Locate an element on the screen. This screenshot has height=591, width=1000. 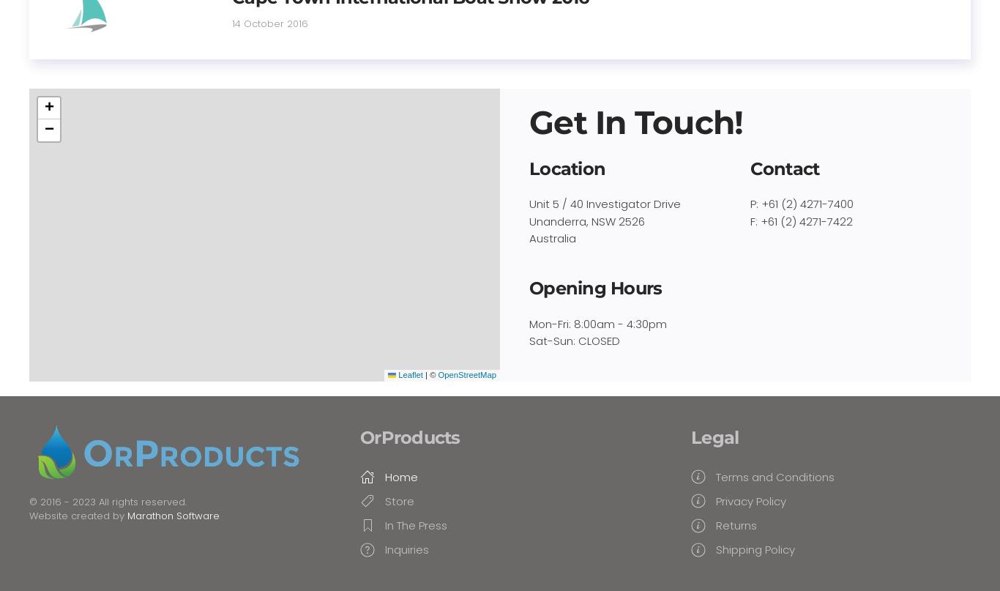
'Opening Hours' is located at coordinates (529, 288).